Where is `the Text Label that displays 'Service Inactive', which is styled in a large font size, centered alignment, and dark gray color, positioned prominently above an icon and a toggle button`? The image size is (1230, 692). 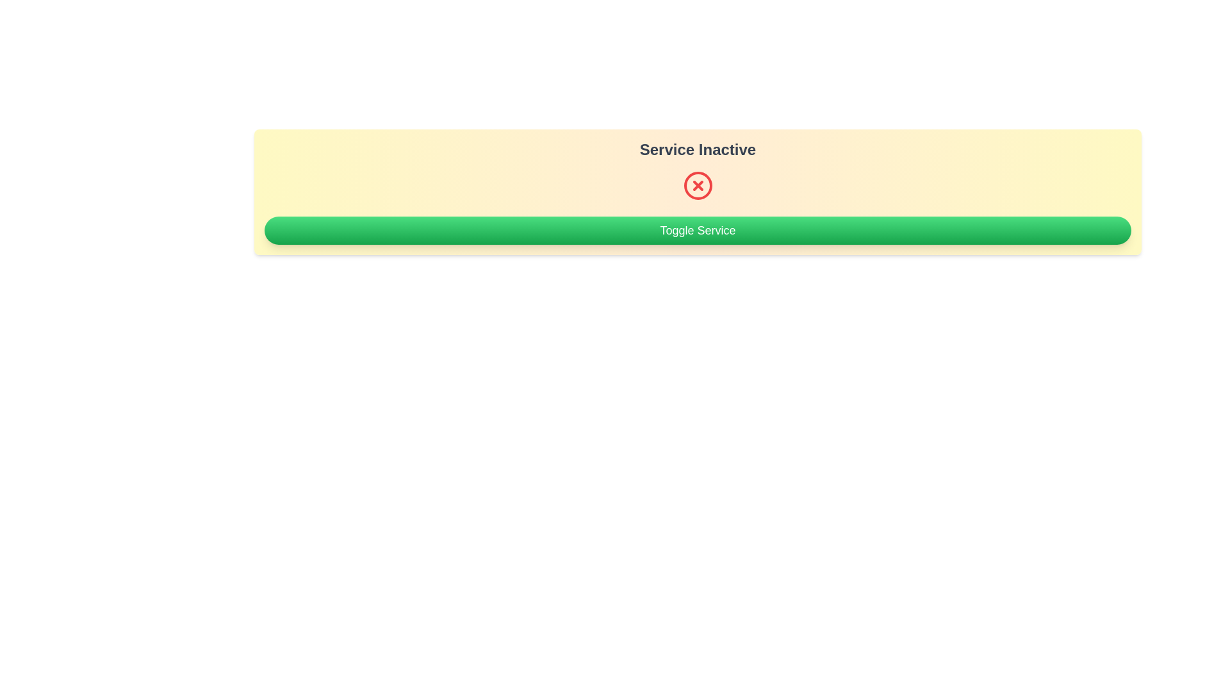 the Text Label that displays 'Service Inactive', which is styled in a large font size, centered alignment, and dark gray color, positioned prominently above an icon and a toggle button is located at coordinates (697, 149).